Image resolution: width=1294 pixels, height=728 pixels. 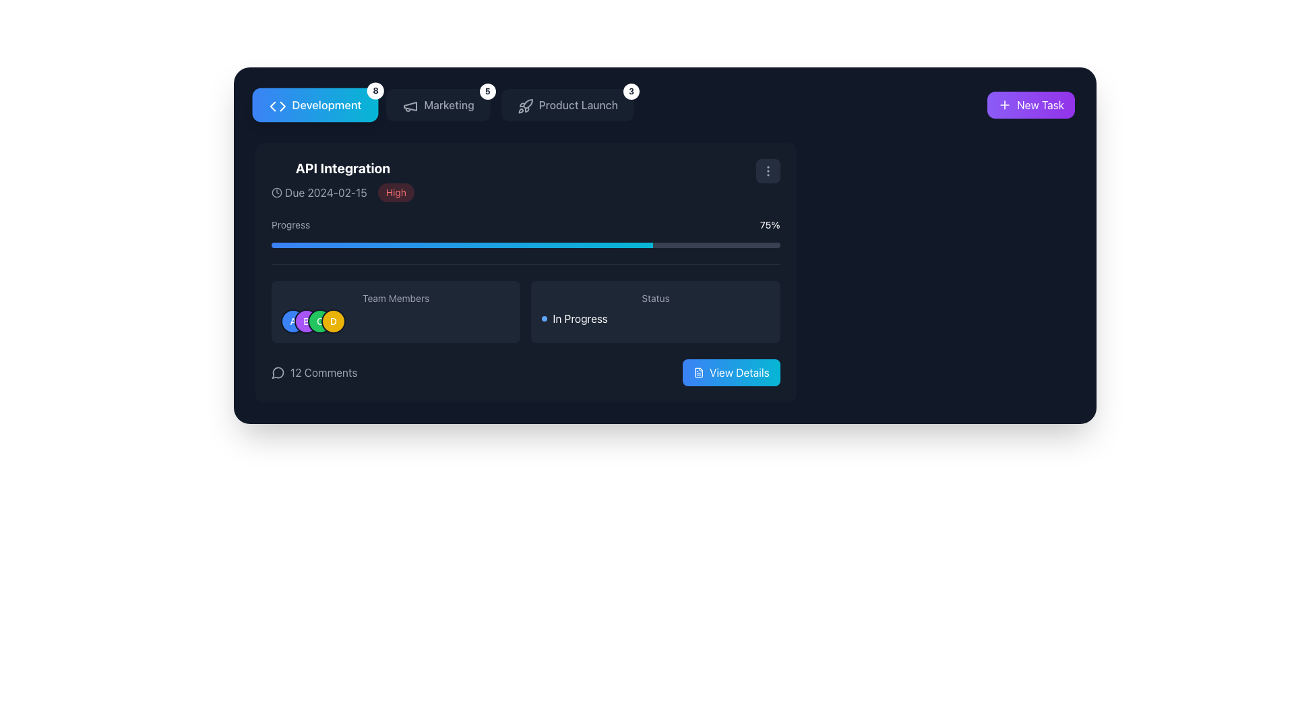 I want to click on the text label within the button located at the bottom-right of the task card, so click(x=739, y=372).